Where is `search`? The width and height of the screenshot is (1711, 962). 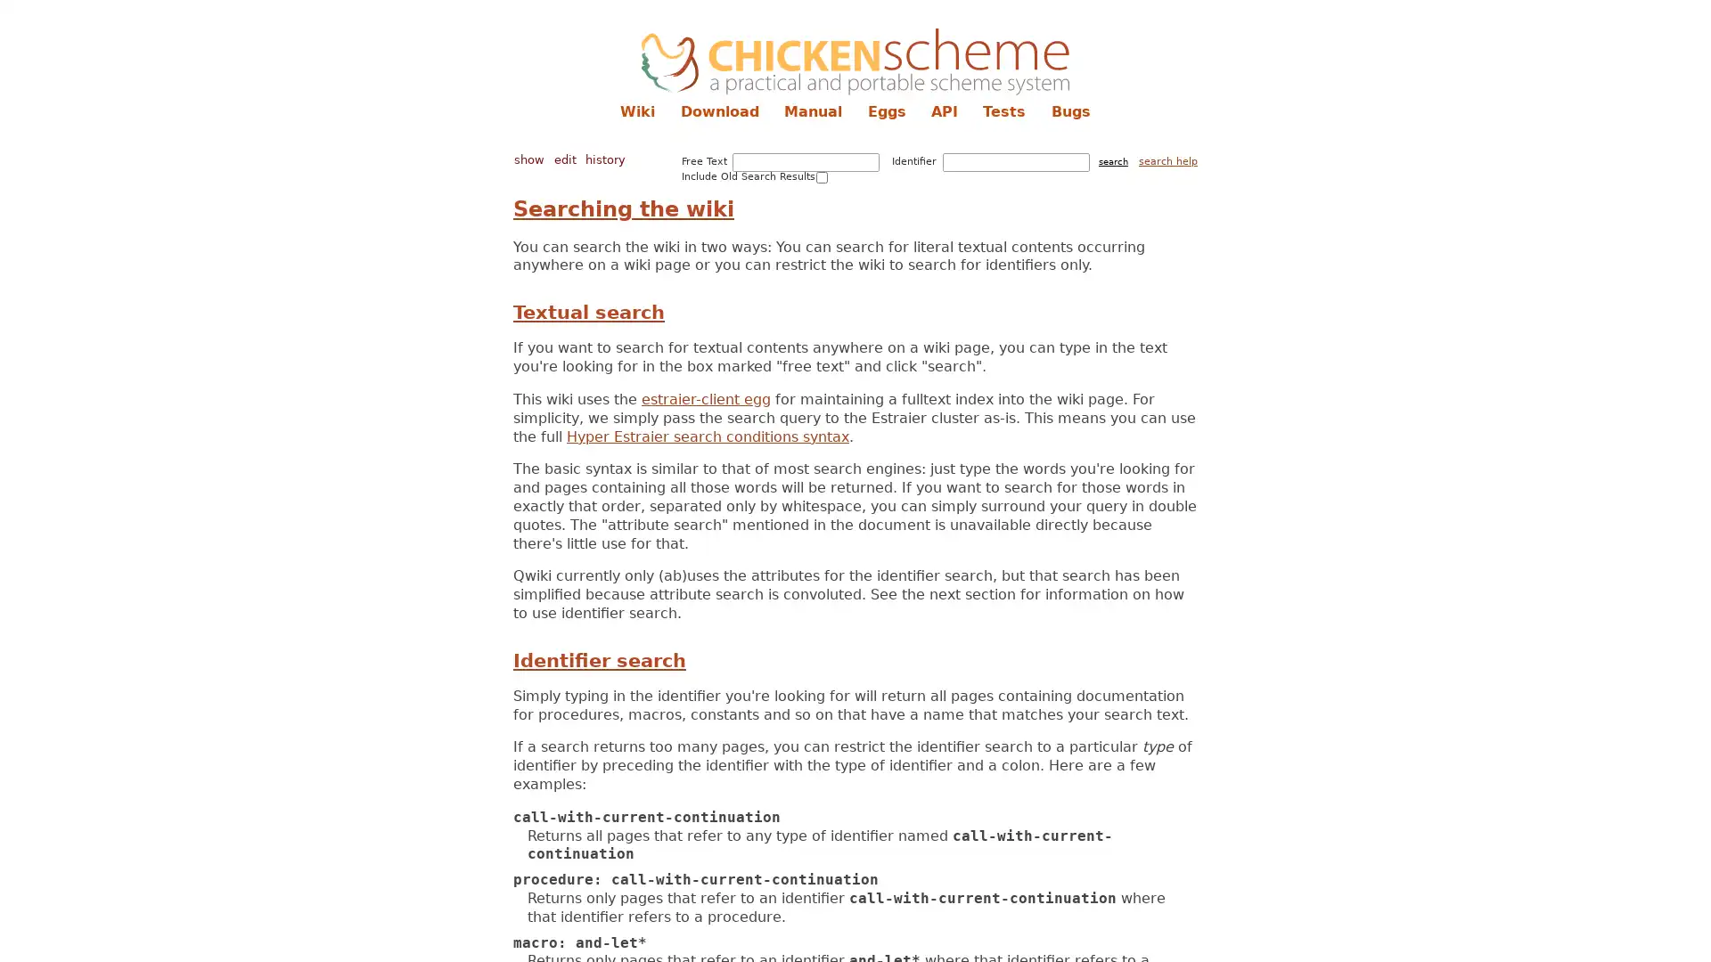 search is located at coordinates (1111, 161).